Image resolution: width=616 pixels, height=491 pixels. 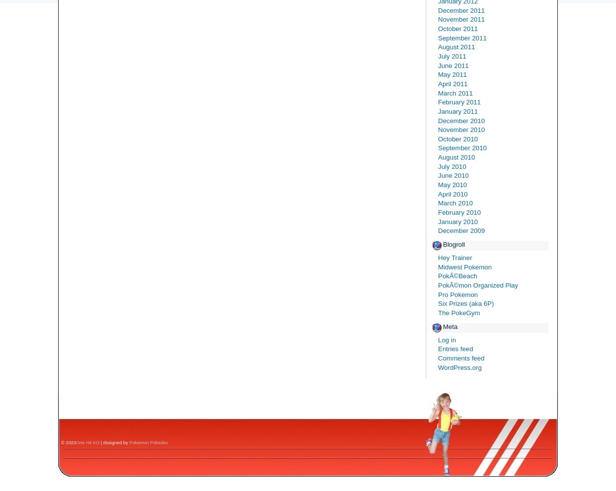 What do you see at coordinates (454, 244) in the screenshot?
I see `'Blogroll'` at bounding box center [454, 244].